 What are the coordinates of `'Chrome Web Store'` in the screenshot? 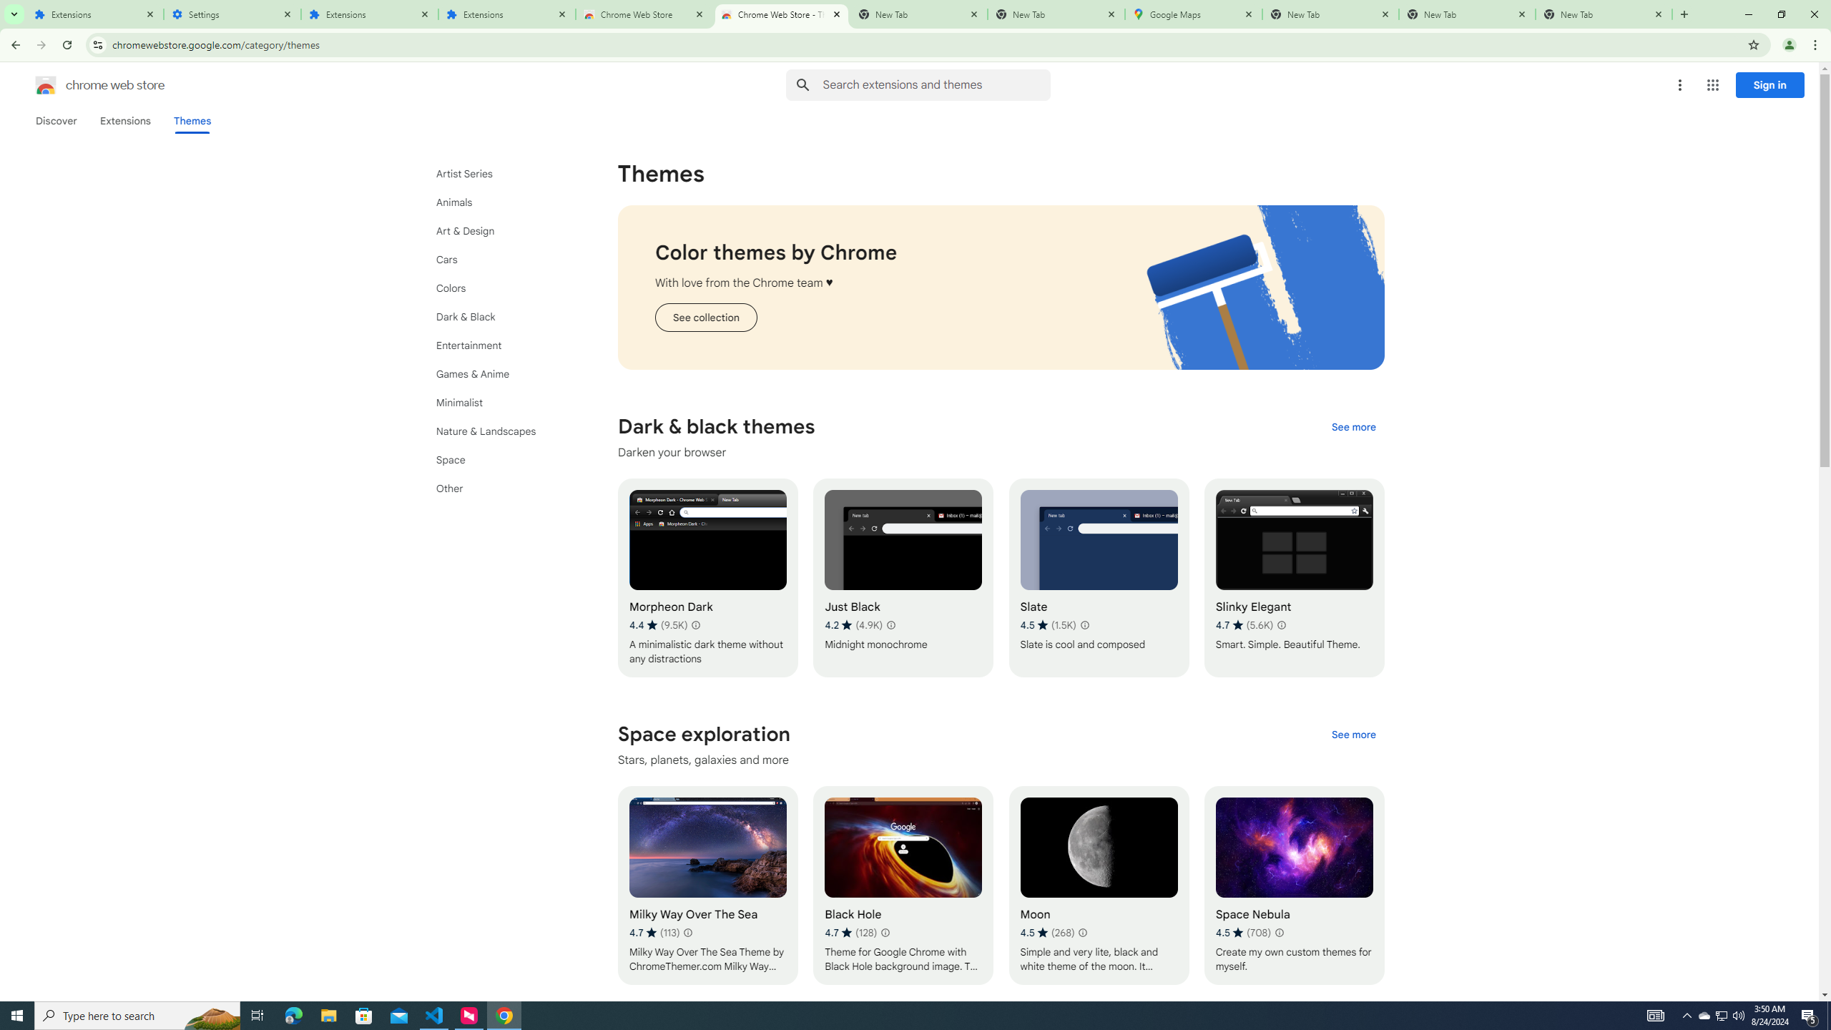 It's located at (644, 14).